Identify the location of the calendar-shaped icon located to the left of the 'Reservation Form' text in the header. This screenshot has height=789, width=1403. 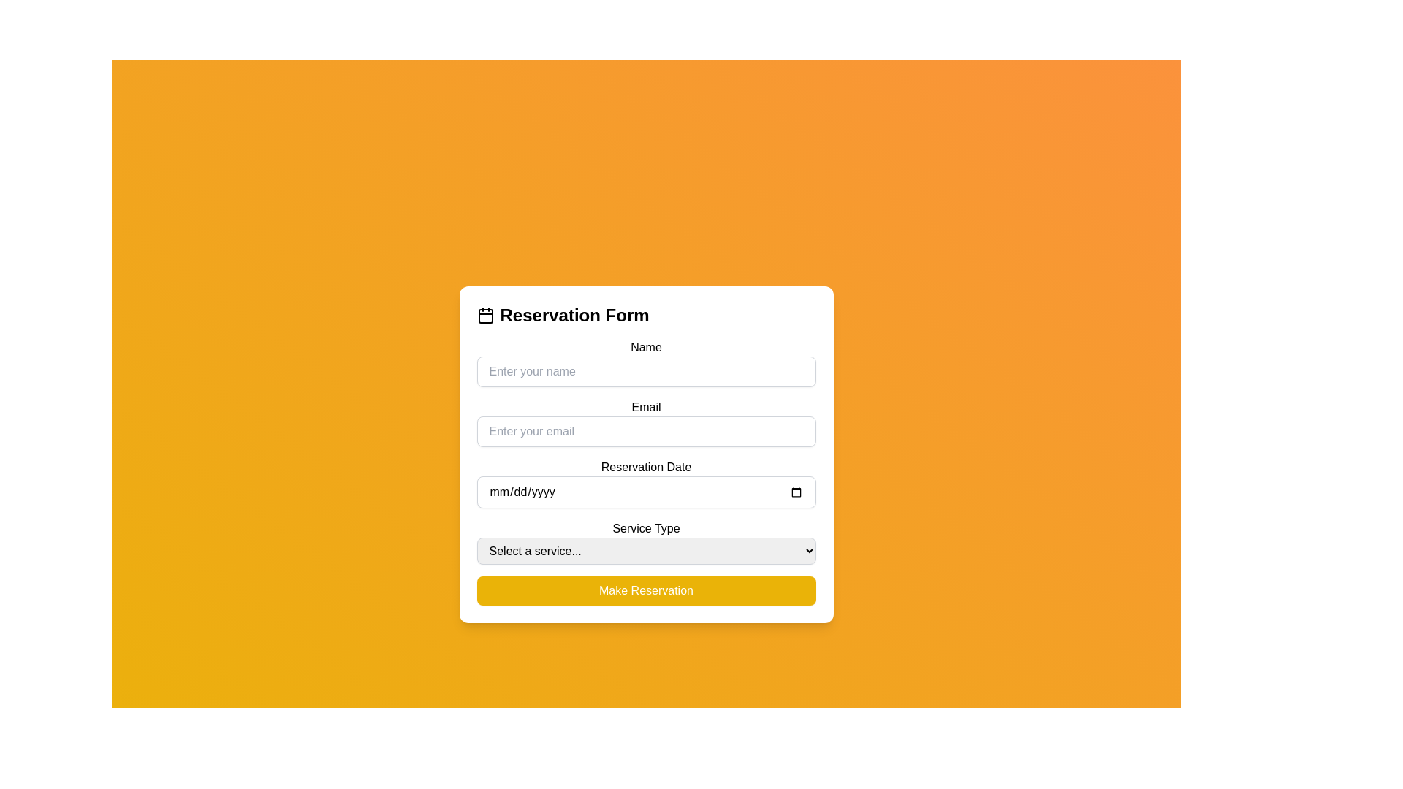
(485, 314).